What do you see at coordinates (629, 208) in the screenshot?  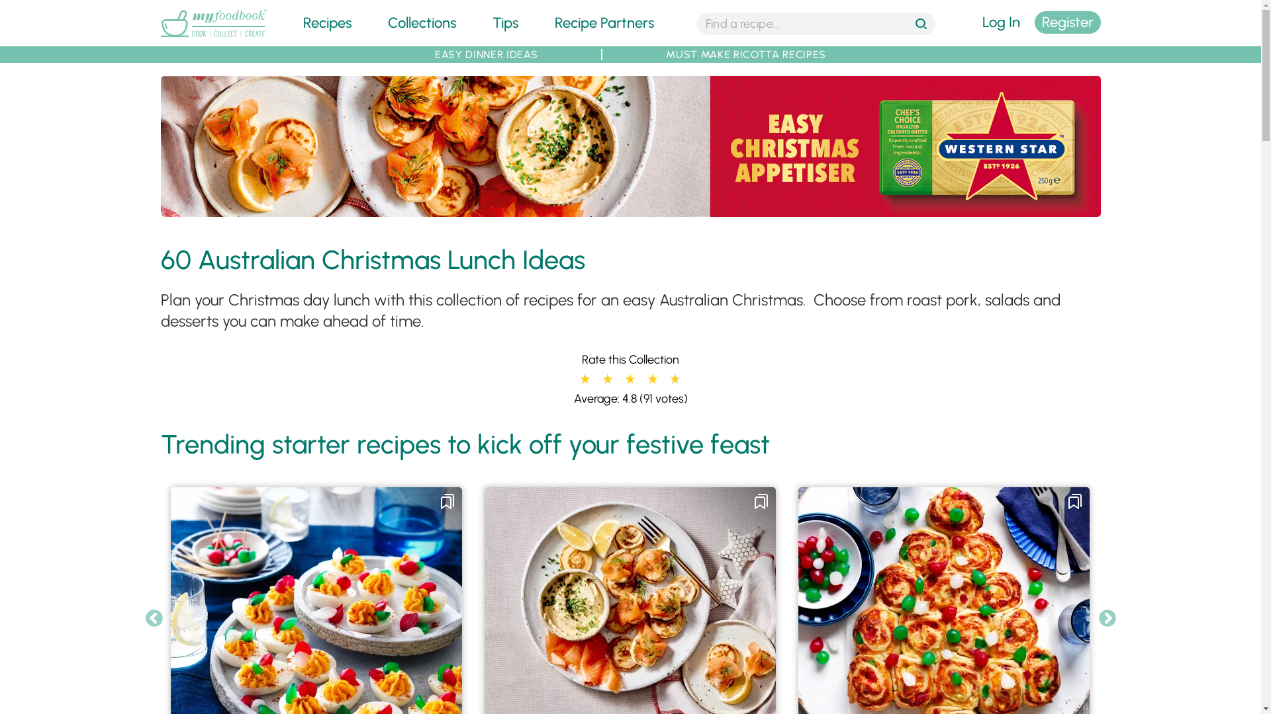 I see `'How to make Blini and whipped butter'` at bounding box center [629, 208].